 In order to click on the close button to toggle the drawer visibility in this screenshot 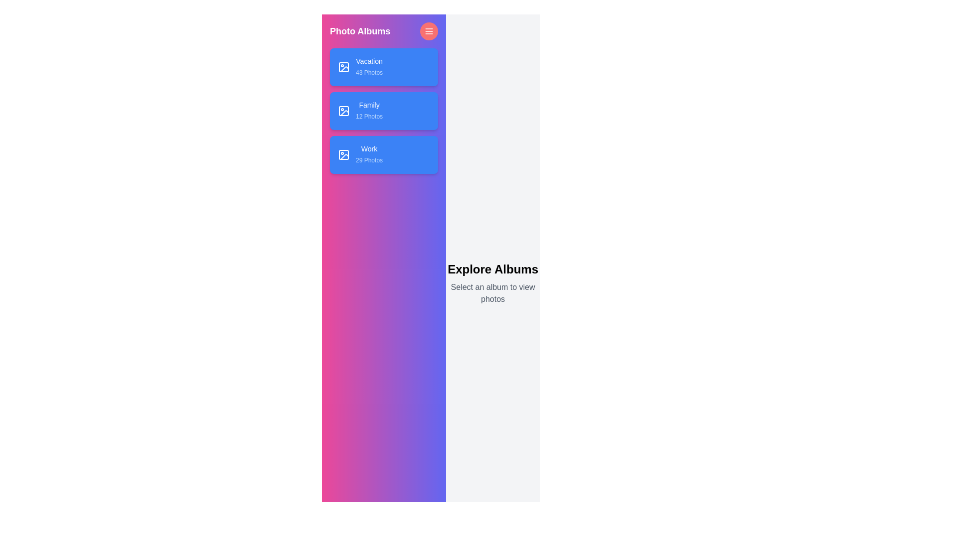, I will do `click(429, 30)`.